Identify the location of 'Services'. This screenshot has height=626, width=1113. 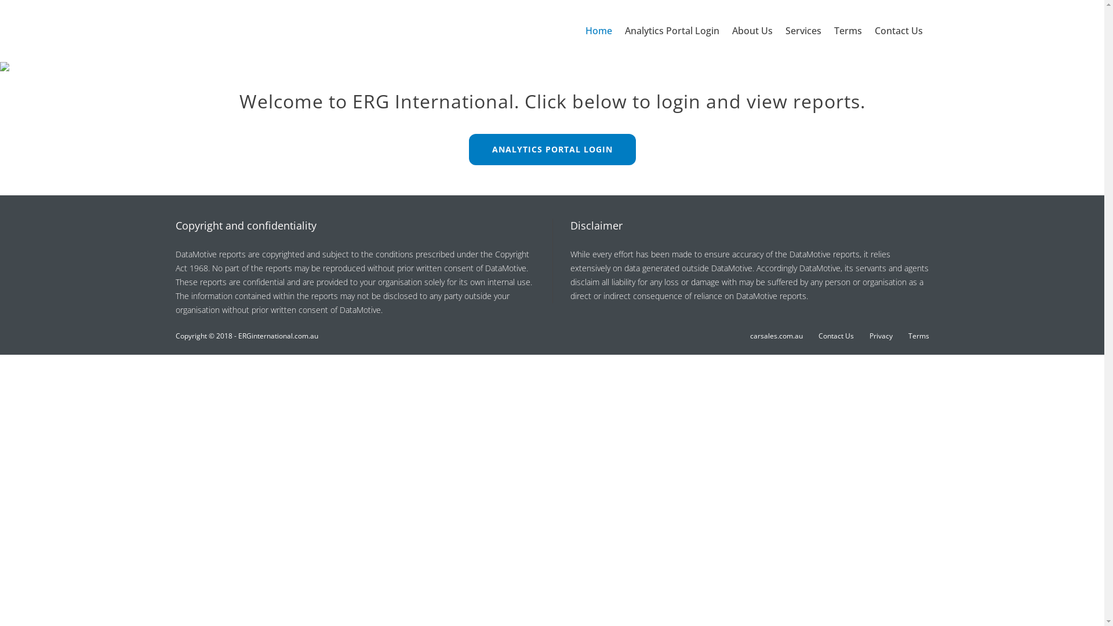
(802, 30).